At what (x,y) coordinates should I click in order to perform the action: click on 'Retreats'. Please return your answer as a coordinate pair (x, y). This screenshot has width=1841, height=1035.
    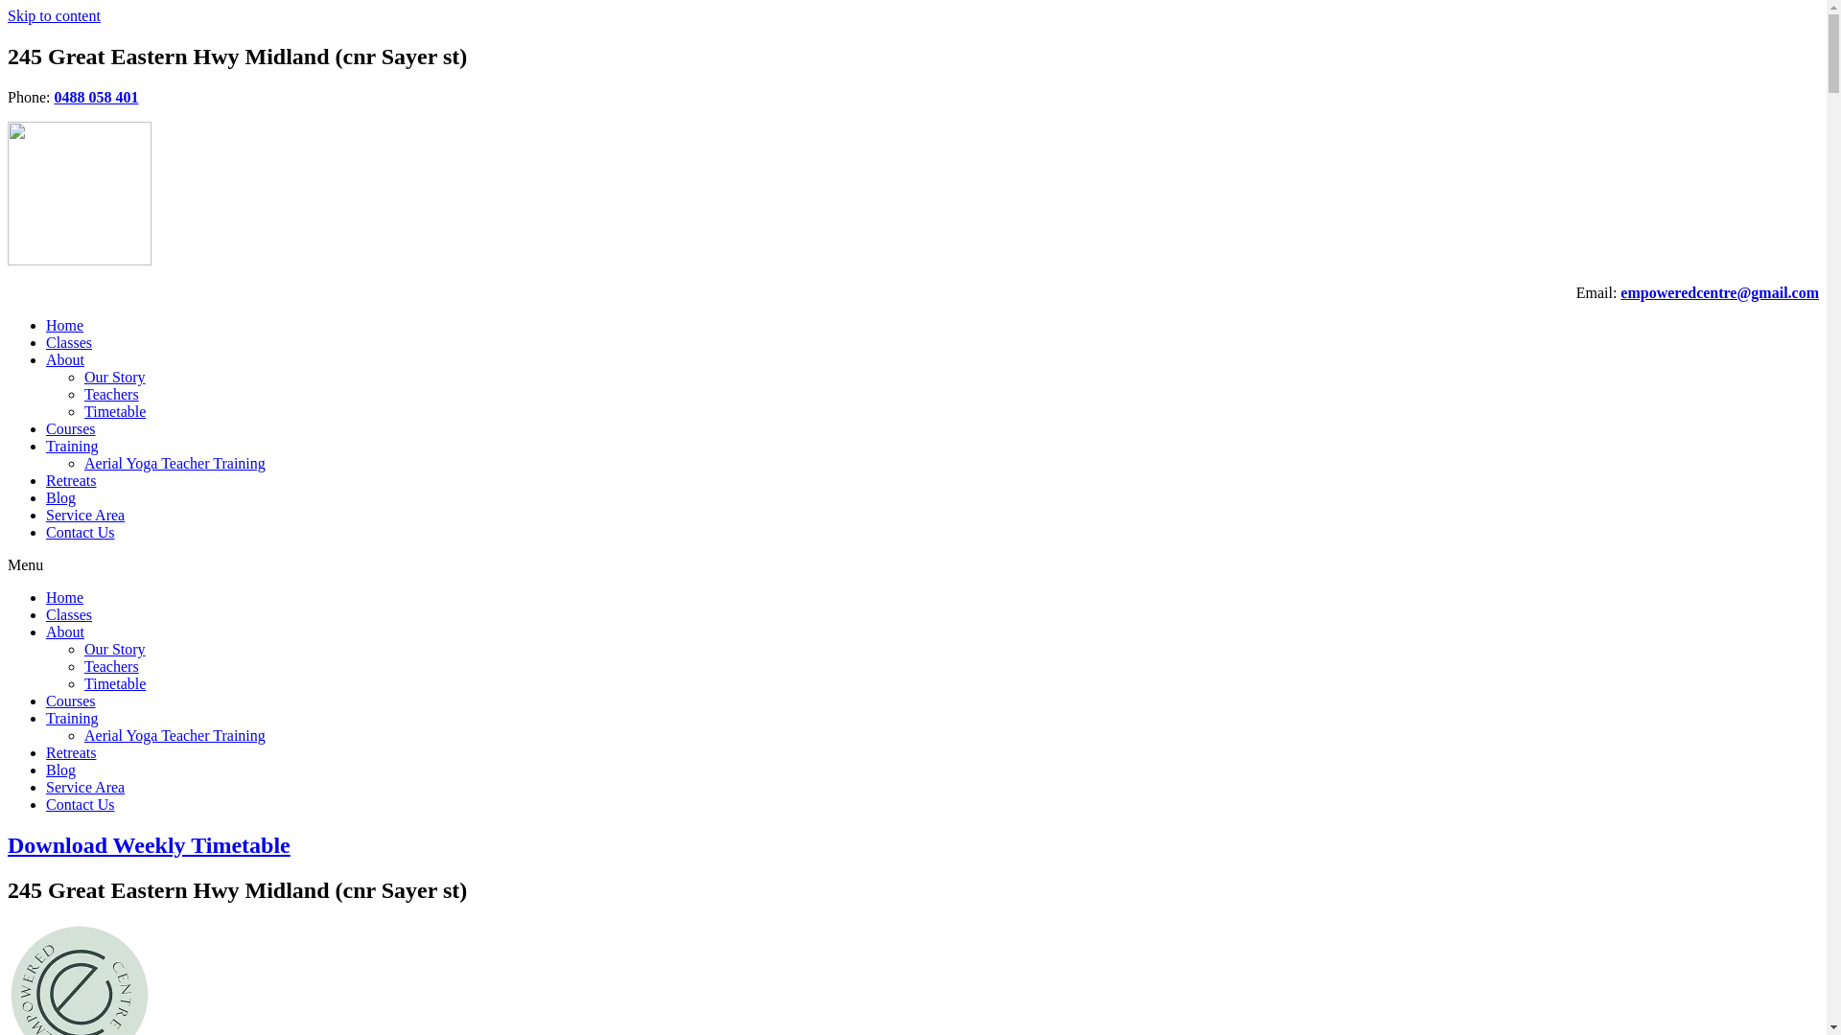
    Looking at the image, I should click on (70, 751).